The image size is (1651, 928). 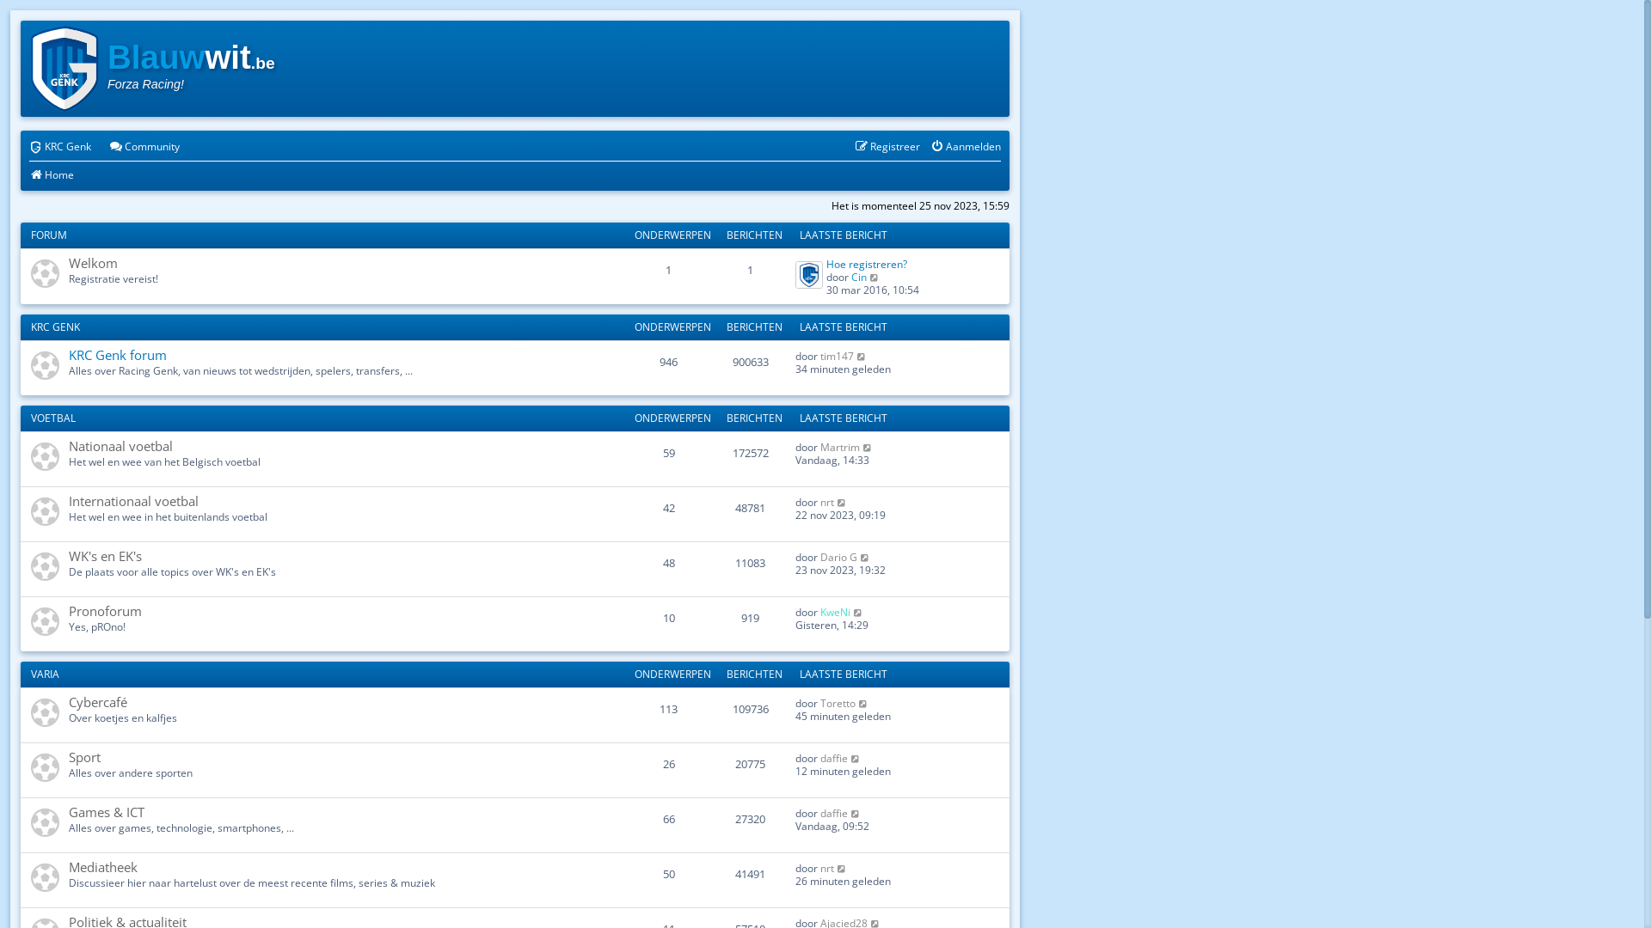 I want to click on 'KRC Genk', so click(x=28, y=146).